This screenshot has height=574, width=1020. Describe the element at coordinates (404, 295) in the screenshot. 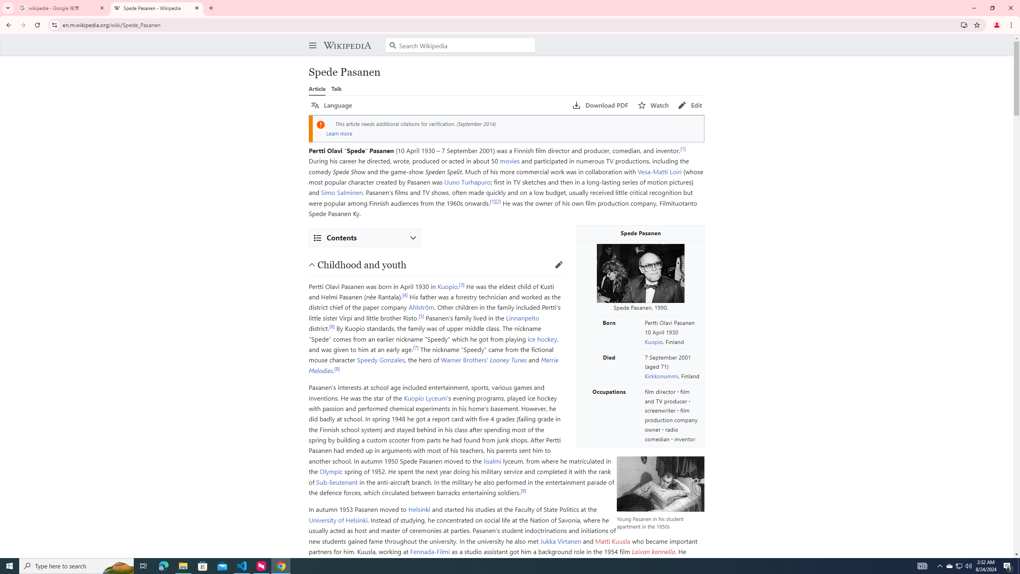

I see `'[4]'` at that location.